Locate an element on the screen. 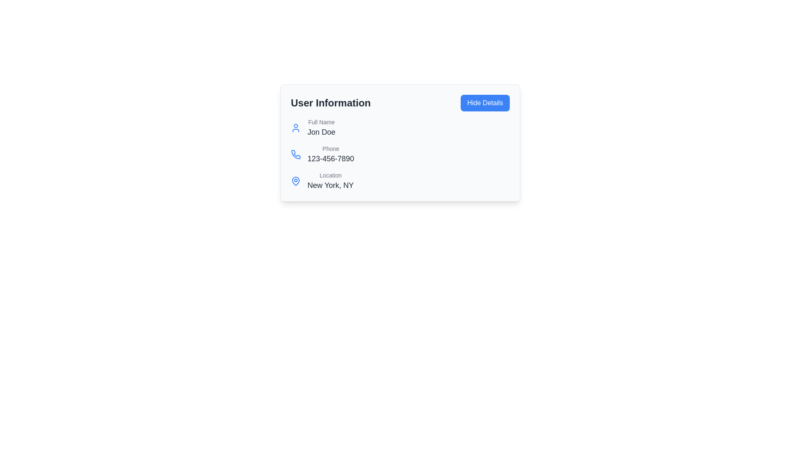 The width and height of the screenshot is (799, 449). the 'Location' label in gray font located in the 'User Information' section, positioned above the 'New York, NY' text element is located at coordinates (330, 175).